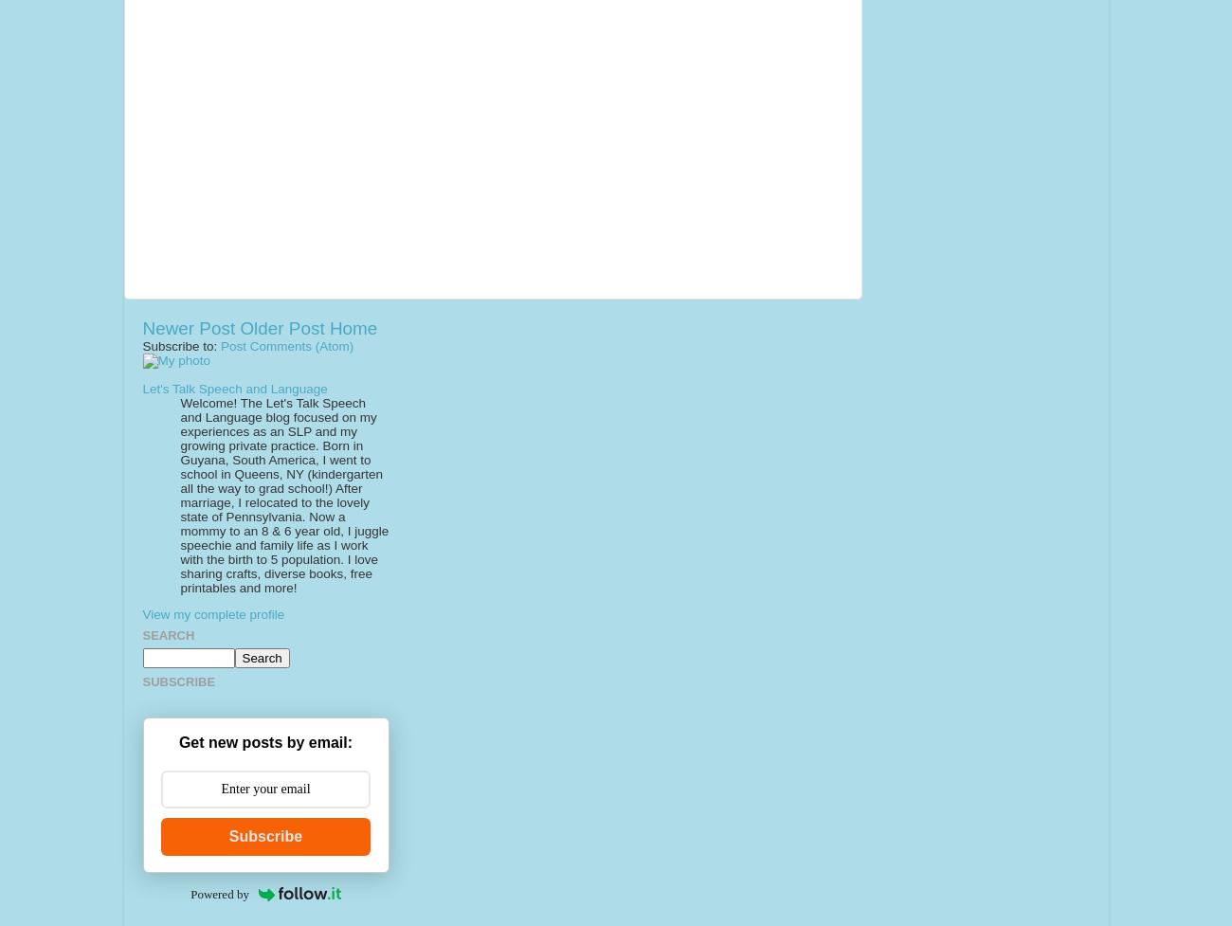  Describe the element at coordinates (284, 494) in the screenshot. I see `'Welcome! The Let's Talk Speech and Language blog focused on my experiences as an SLP and my growing private practice. Born in Guyana, South America, I went to school in Queens, NY (kindergarten all the way to grad school!) After marriage, I relocated to the lovely state of Pennsylvania. Now a mommy to an 8 & 6 year old, I juggle speechie and family life as I work with the birth to 5 population. I love sharing crafts, diverse books, free printables and more!'` at that location.